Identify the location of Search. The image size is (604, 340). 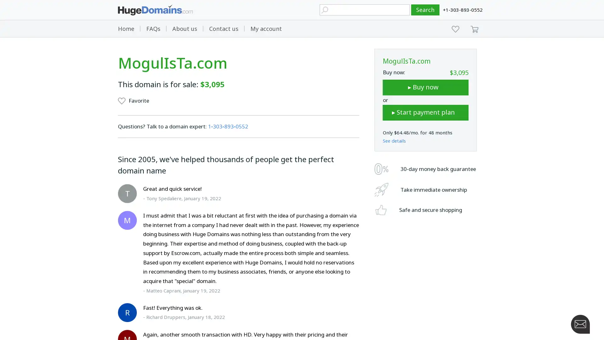
(425, 10).